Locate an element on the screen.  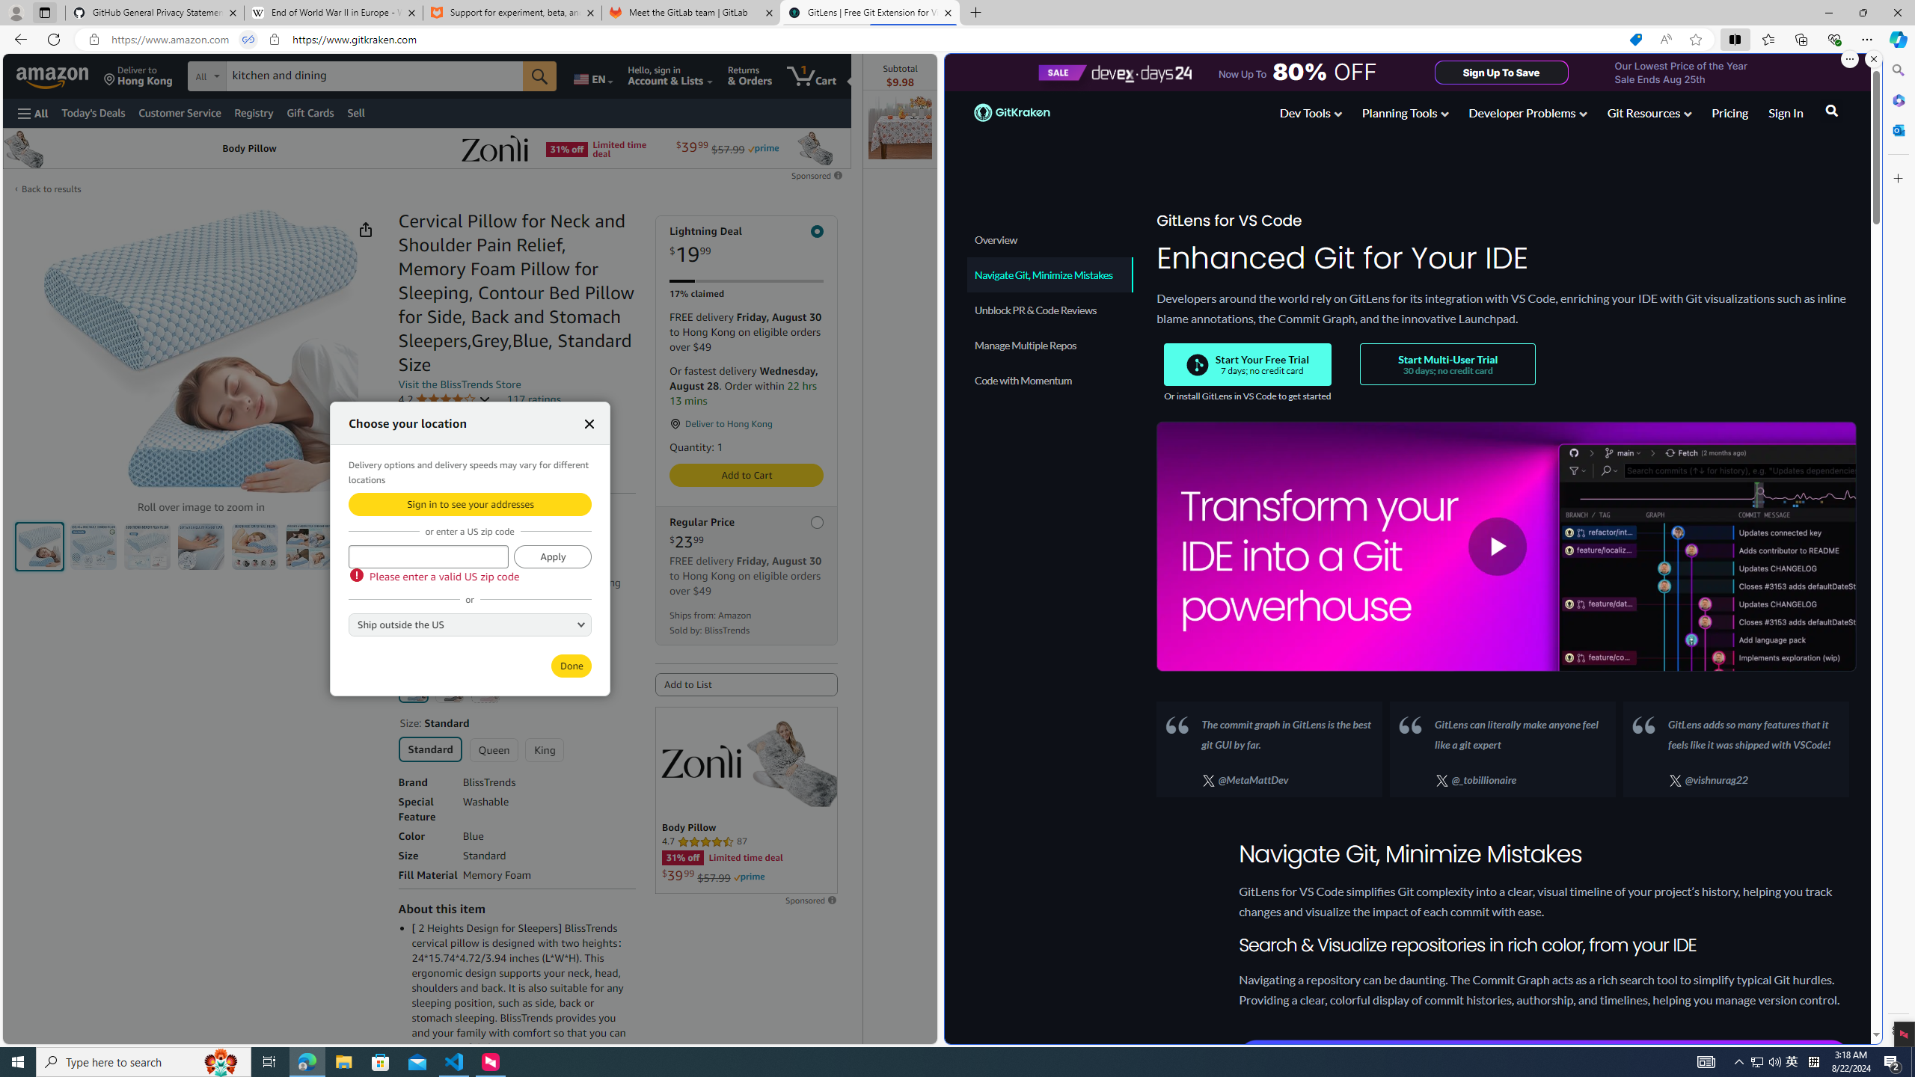
'GitHub General Privacy Statement - GitHub Docs' is located at coordinates (155, 12).